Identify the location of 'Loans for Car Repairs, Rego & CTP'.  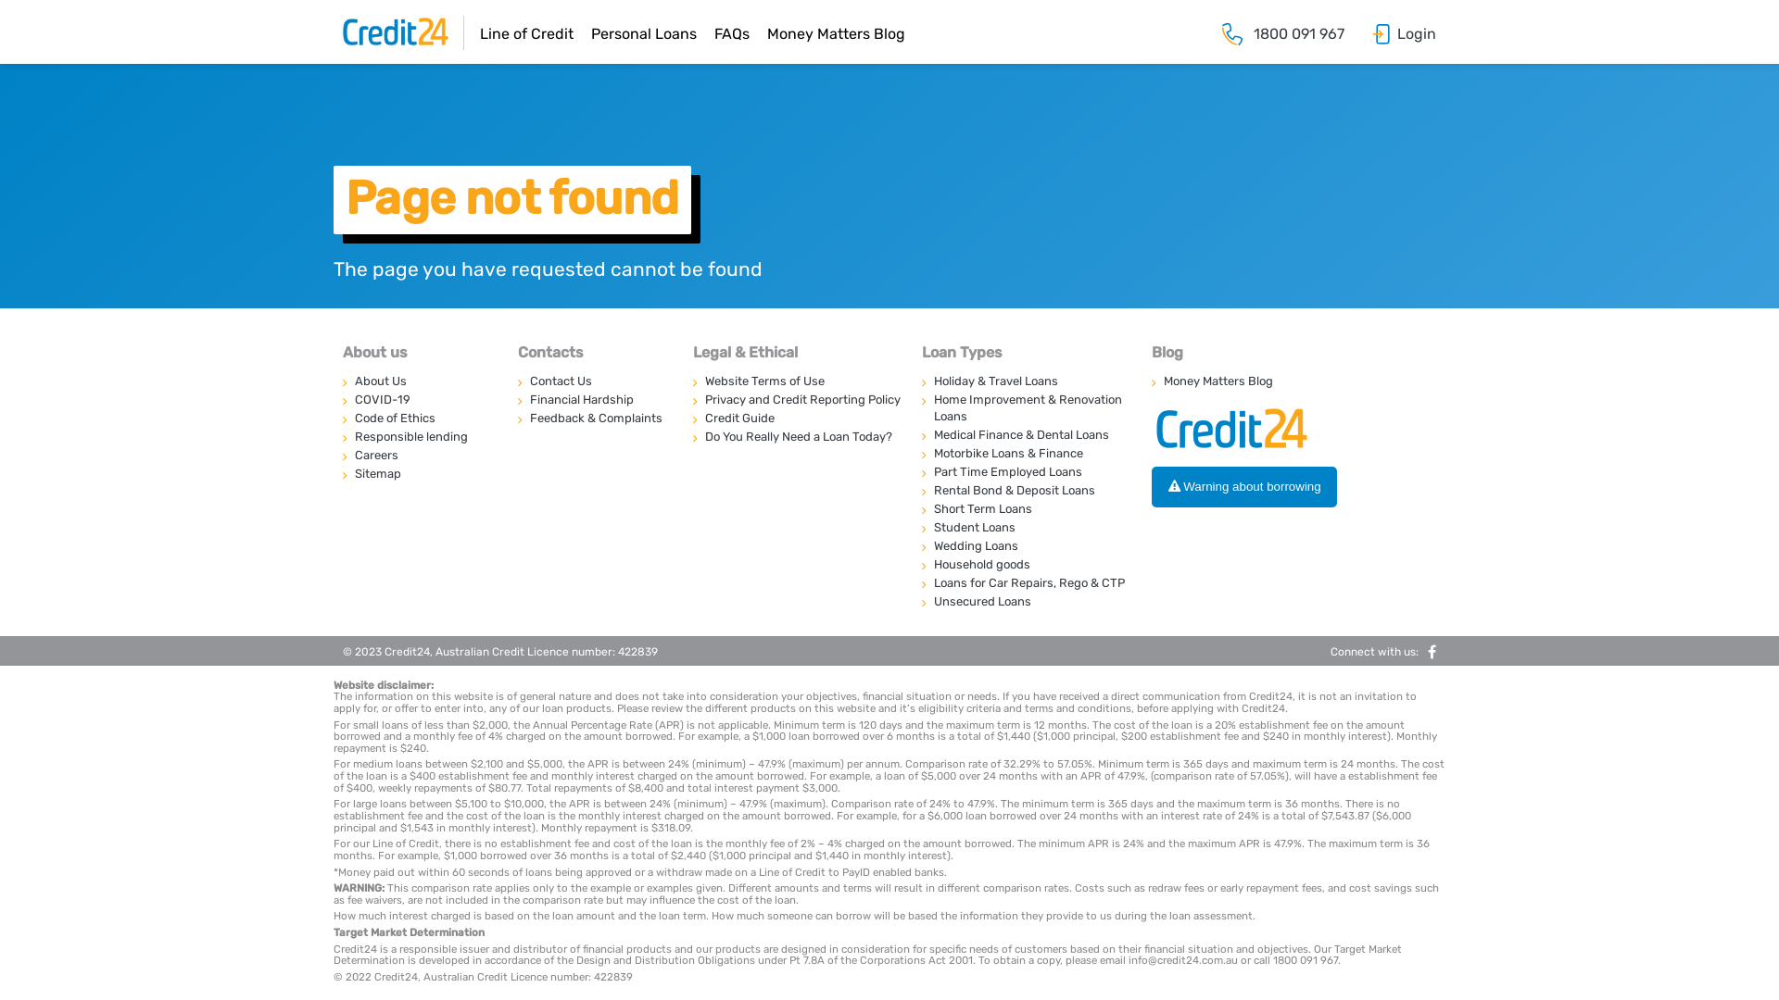
(921, 581).